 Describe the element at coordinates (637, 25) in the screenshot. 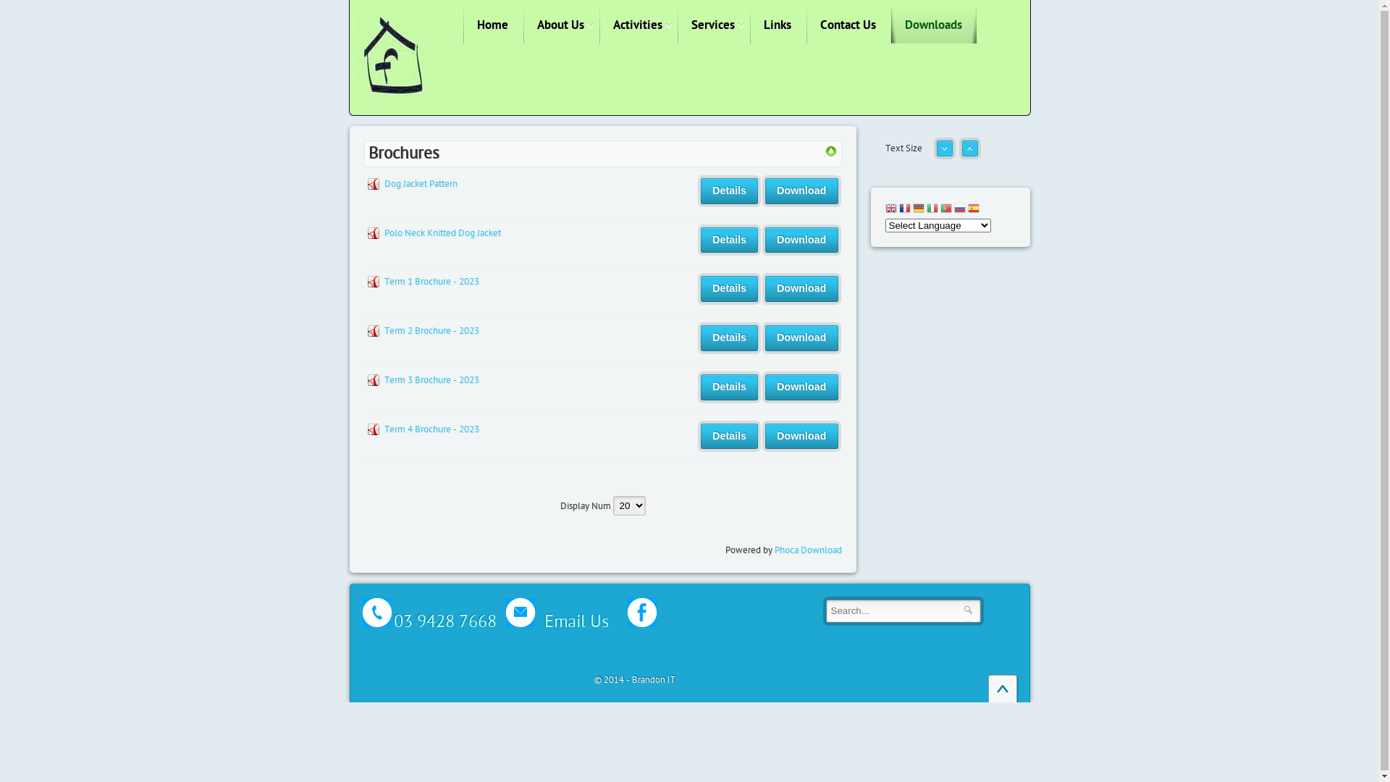

I see `'Activities'` at that location.